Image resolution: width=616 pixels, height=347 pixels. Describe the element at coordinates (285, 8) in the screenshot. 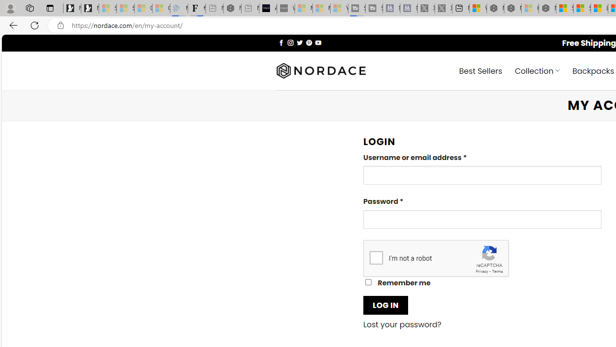

I see `'What'` at that location.